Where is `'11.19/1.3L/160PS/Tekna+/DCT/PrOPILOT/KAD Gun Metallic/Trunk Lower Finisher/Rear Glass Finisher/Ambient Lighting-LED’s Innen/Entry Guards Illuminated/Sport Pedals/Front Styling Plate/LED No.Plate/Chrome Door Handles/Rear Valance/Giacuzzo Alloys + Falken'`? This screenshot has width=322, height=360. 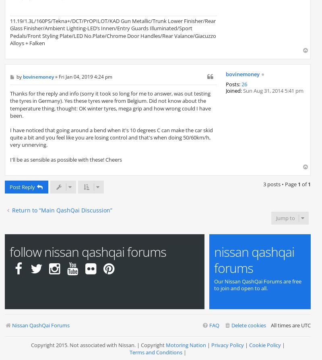
'11.19/1.3L/160PS/Tekna+/DCT/PrOPILOT/KAD Gun Metallic/Trunk Lower Finisher/Rear Glass Finisher/Ambient Lighting-LED’s Innen/Entry Guards Illuminated/Sport Pedals/Front Styling Plate/LED No.Plate/Chrome Door Handles/Rear Valance/Giacuzzo Alloys + Falken' is located at coordinates (10, 32).